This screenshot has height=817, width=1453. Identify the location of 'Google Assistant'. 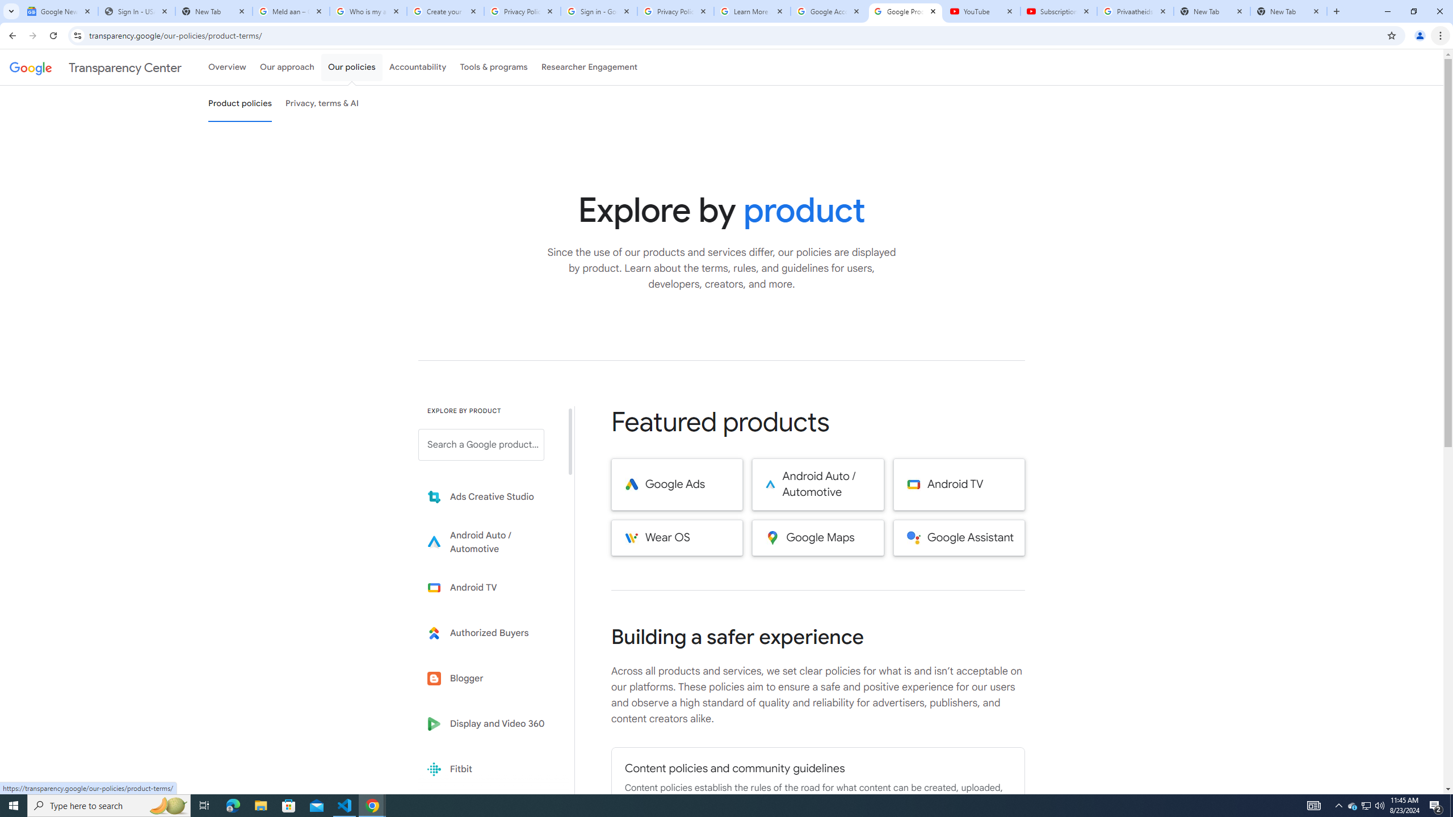
(958, 537).